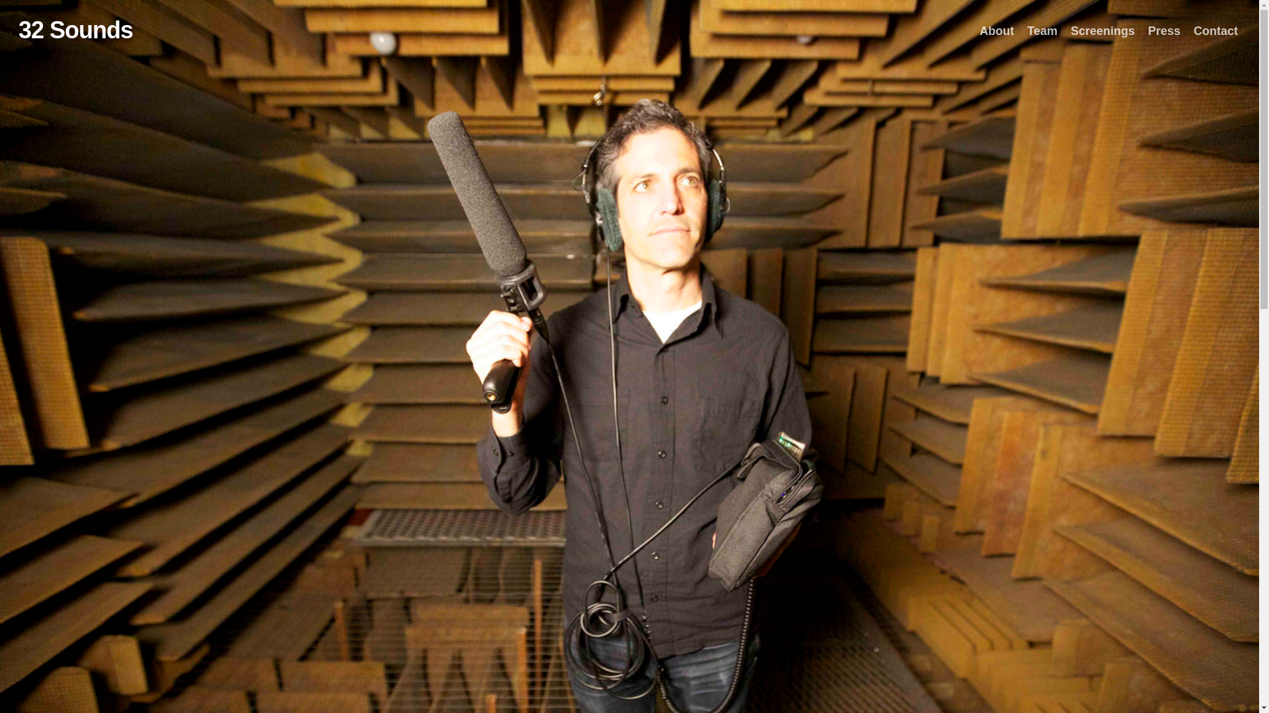  What do you see at coordinates (1071, 30) in the screenshot?
I see `'Screenings'` at bounding box center [1071, 30].